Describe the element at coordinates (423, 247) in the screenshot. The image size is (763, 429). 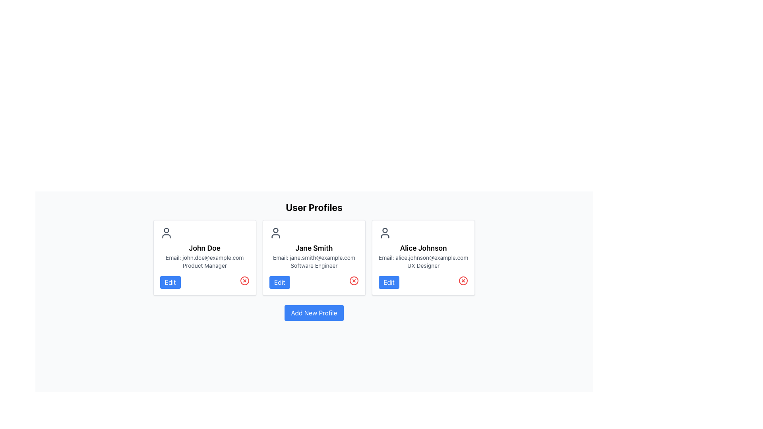
I see `the Text Label identifying 'Alice Johnson' at the top of the user card, which is positioned above the email and role details` at that location.